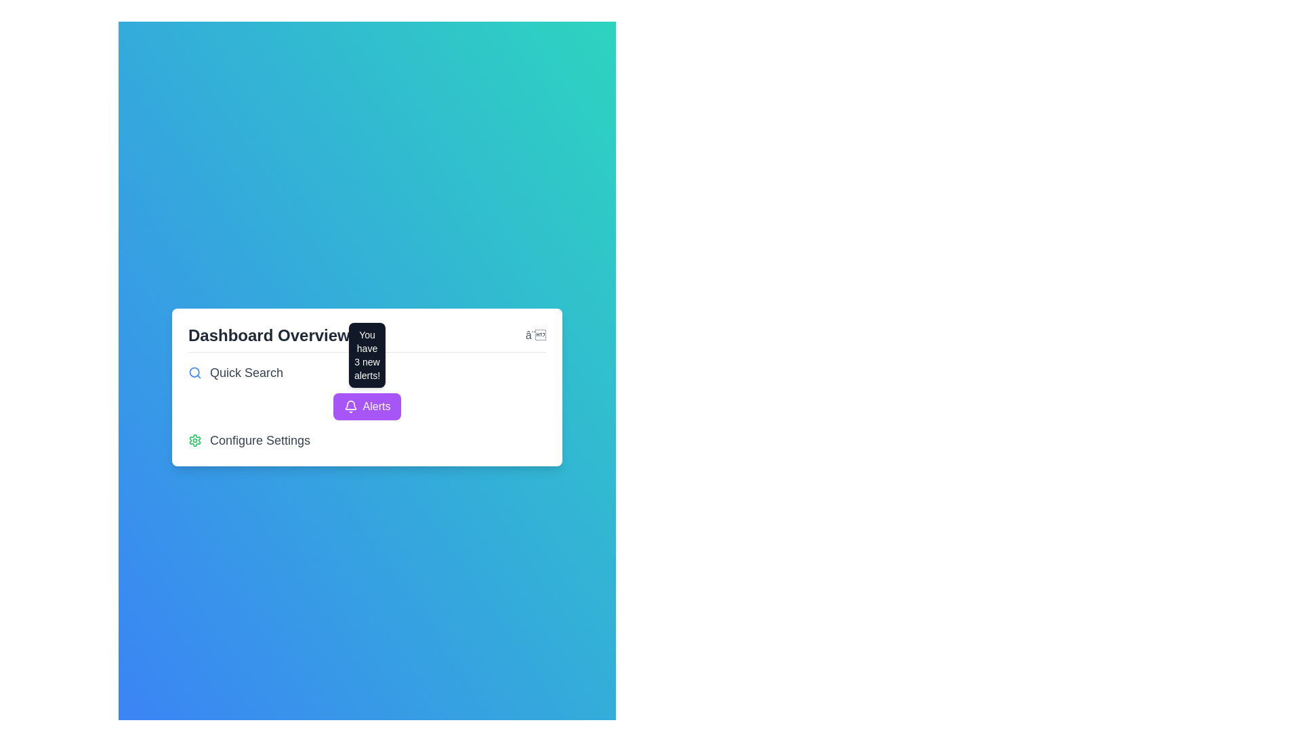 The image size is (1301, 731). I want to click on the blue magnifying glass icon located to the left of the 'Quick Search' text, so click(194, 372).